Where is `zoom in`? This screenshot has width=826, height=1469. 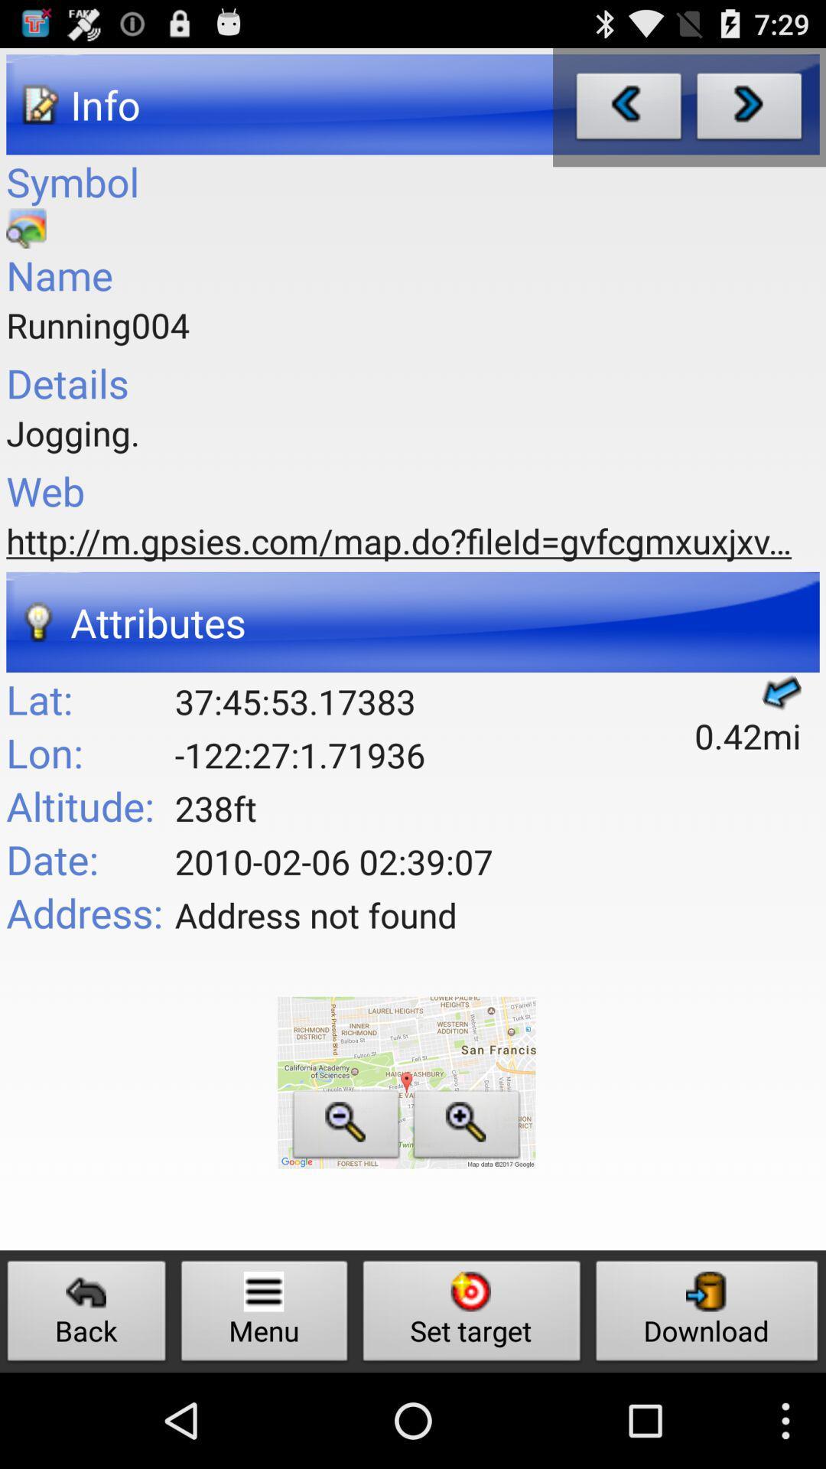 zoom in is located at coordinates (466, 1129).